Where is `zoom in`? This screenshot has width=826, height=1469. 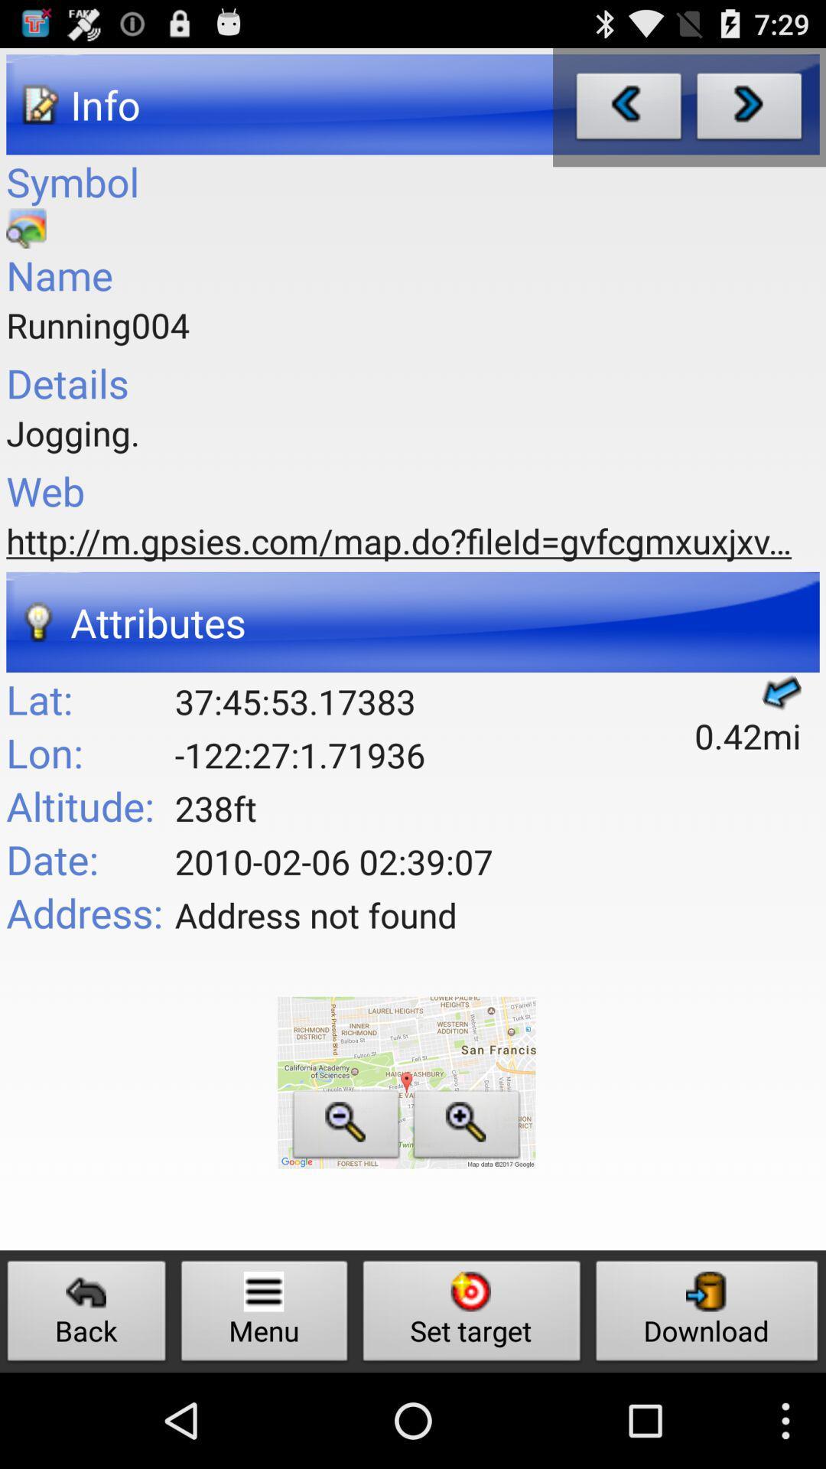 zoom in is located at coordinates (466, 1129).